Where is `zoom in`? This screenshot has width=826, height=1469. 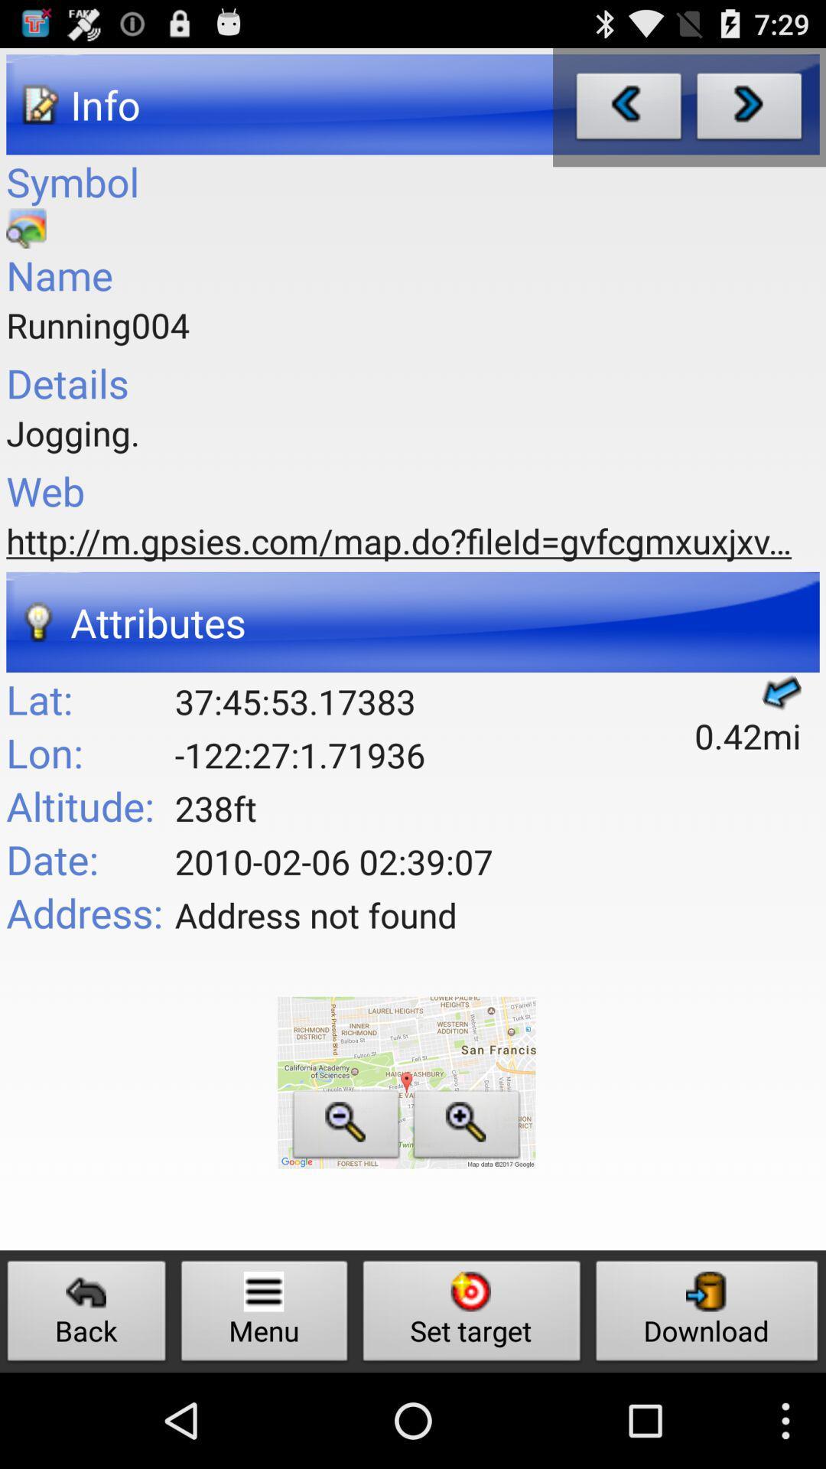 zoom in is located at coordinates (466, 1129).